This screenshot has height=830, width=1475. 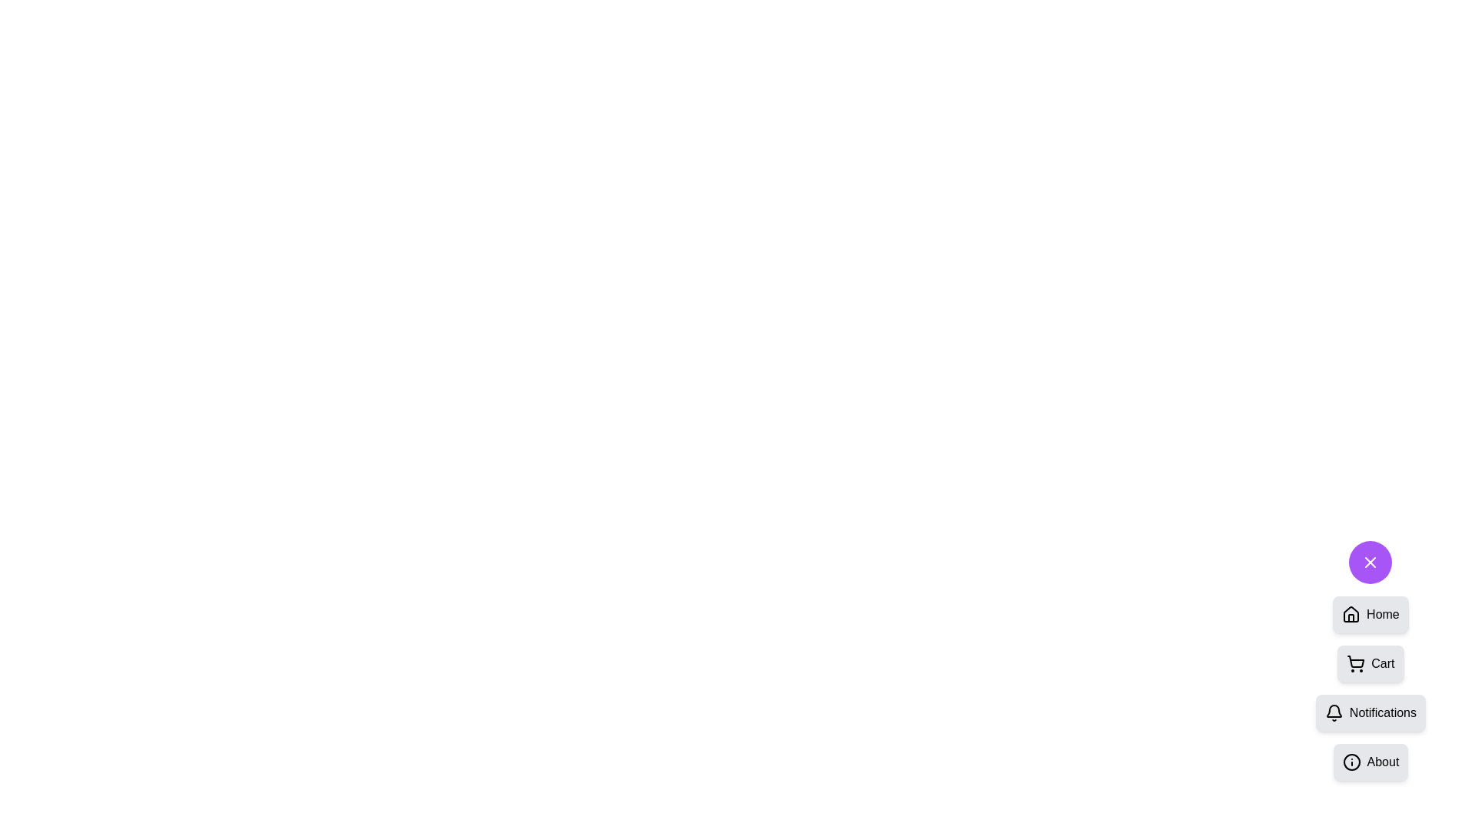 What do you see at coordinates (1371, 762) in the screenshot?
I see `the SpeedDial item labeled 'About' to observe its hover effect` at bounding box center [1371, 762].